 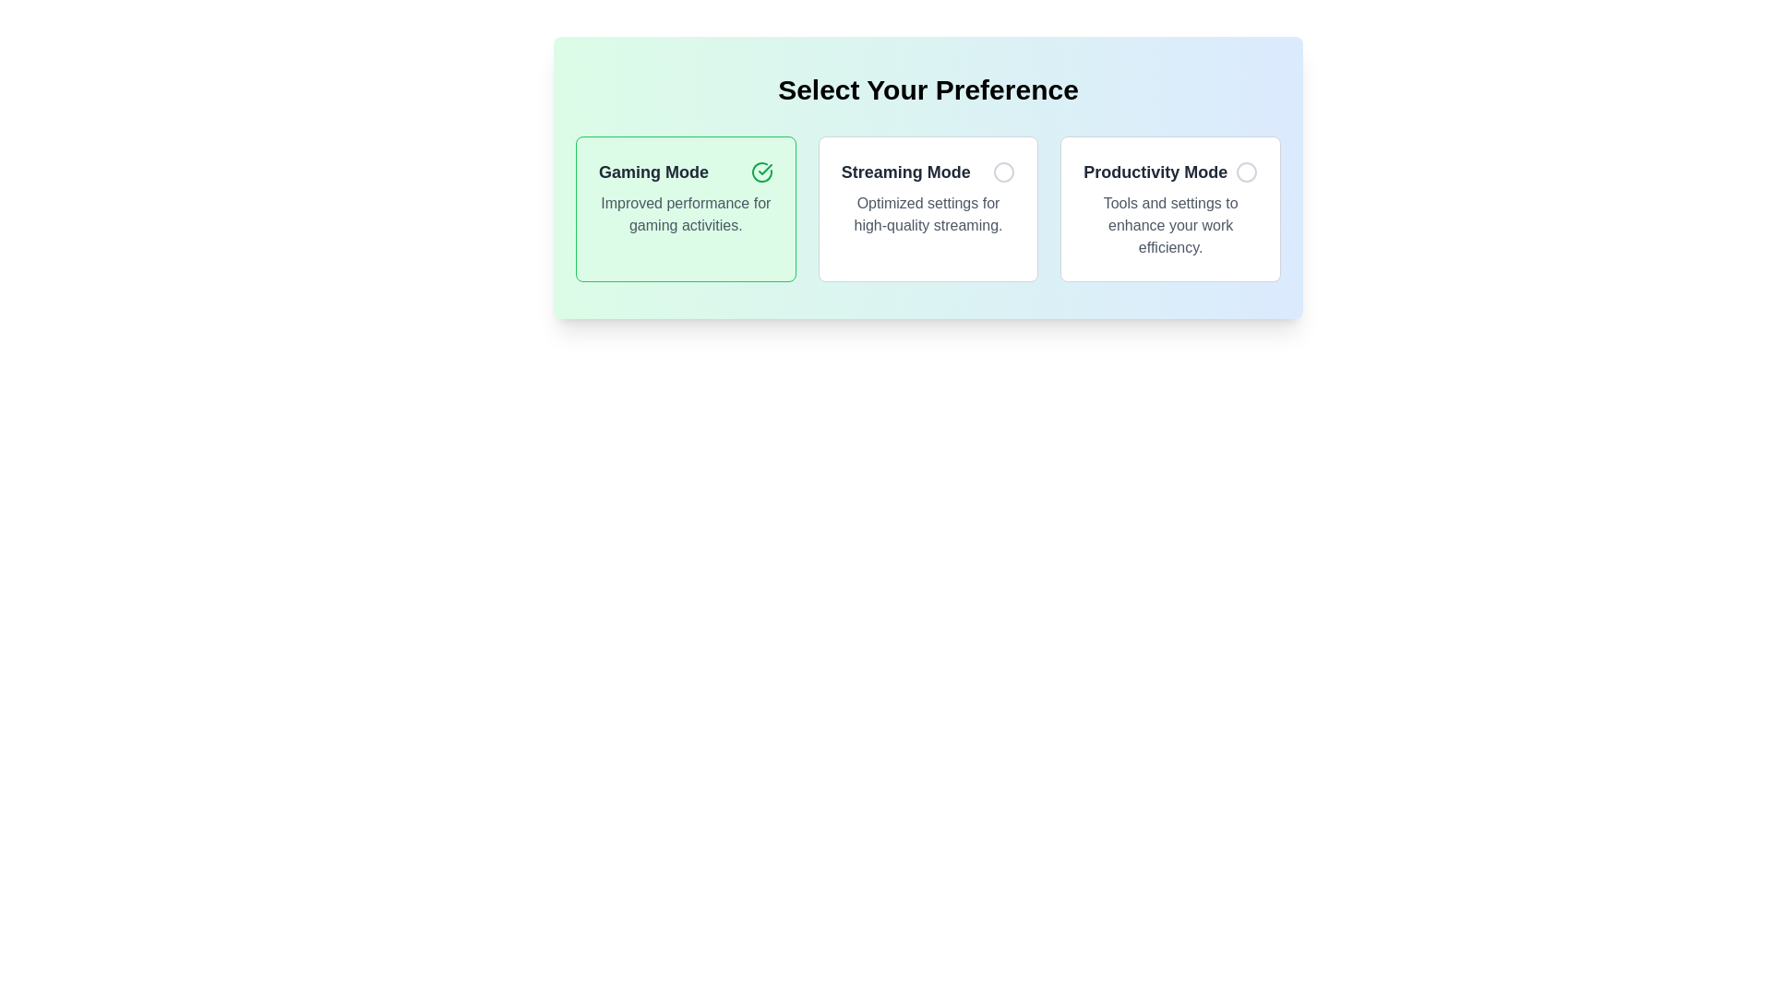 What do you see at coordinates (761, 172) in the screenshot?
I see `the green checkmark icon that indicates the active state of the 'Gaming Mode' preference` at bounding box center [761, 172].